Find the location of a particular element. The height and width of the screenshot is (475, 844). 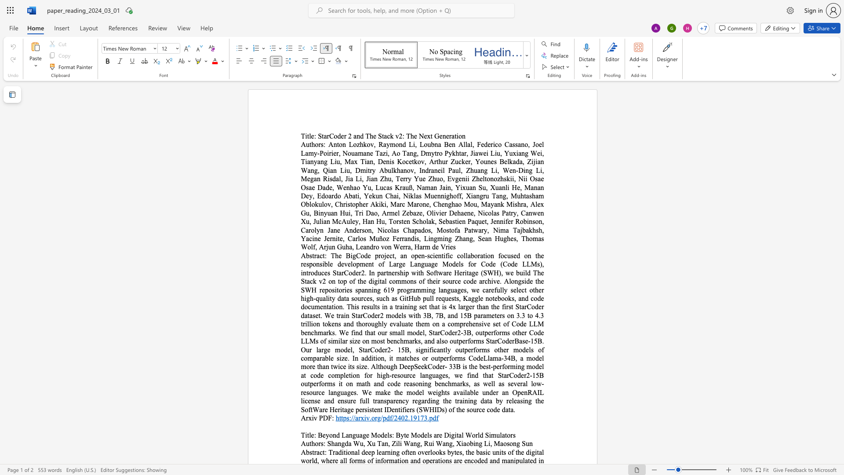

the space between the continuous character "r" and "g" in the text is located at coordinates (378, 417).